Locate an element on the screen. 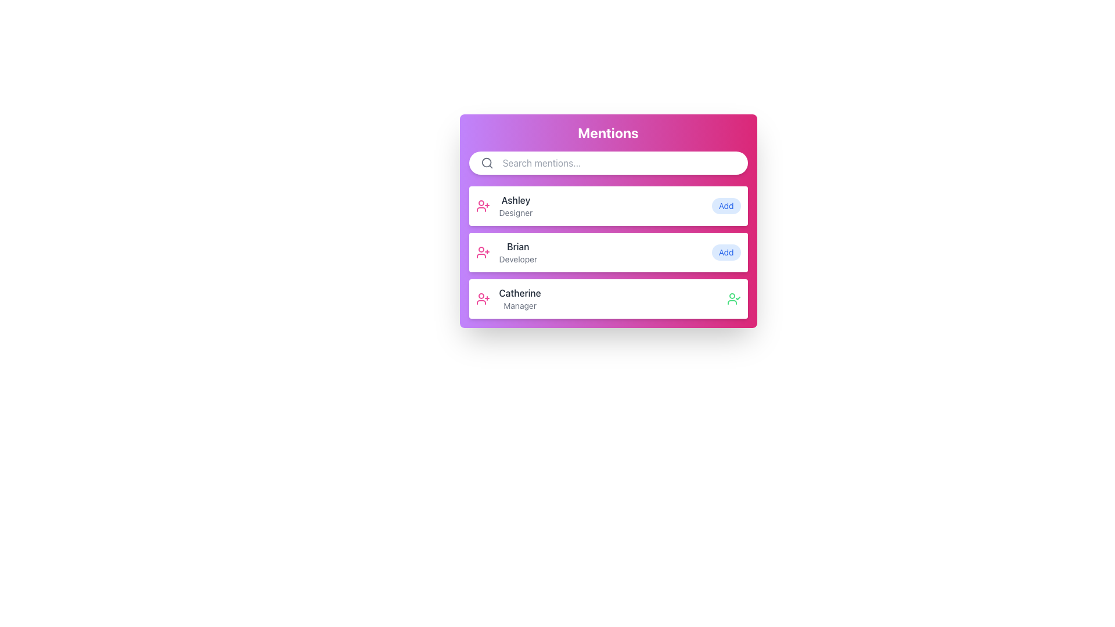 The width and height of the screenshot is (1115, 627). the pink user icon with a plus sign located in the last row of the 'Mentions' section, next to the text 'Catherine' and 'Manager' is located at coordinates (483, 298).